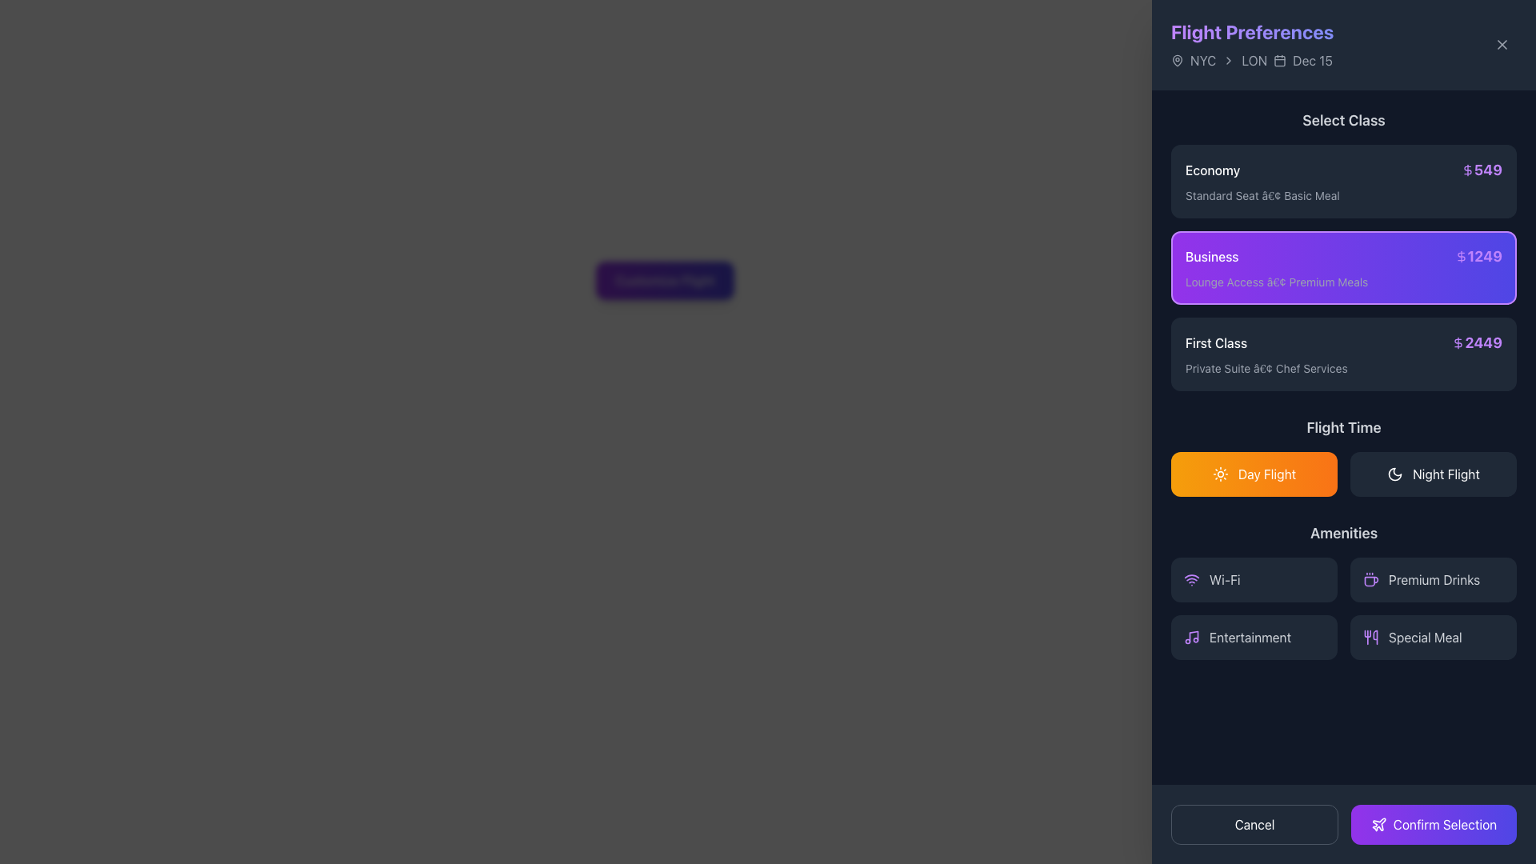 This screenshot has height=864, width=1536. What do you see at coordinates (1446, 474) in the screenshot?
I see `the 'Night Flight' text label option located in the right-hand sidebar under the 'Flight Time' section, positioned next to the 'Day Flight' option` at bounding box center [1446, 474].